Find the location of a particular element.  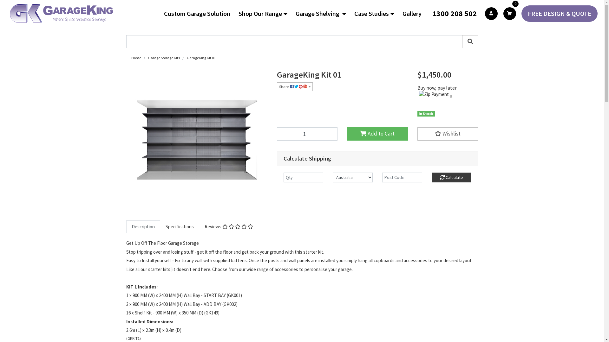

'Specifications' is located at coordinates (179, 226).